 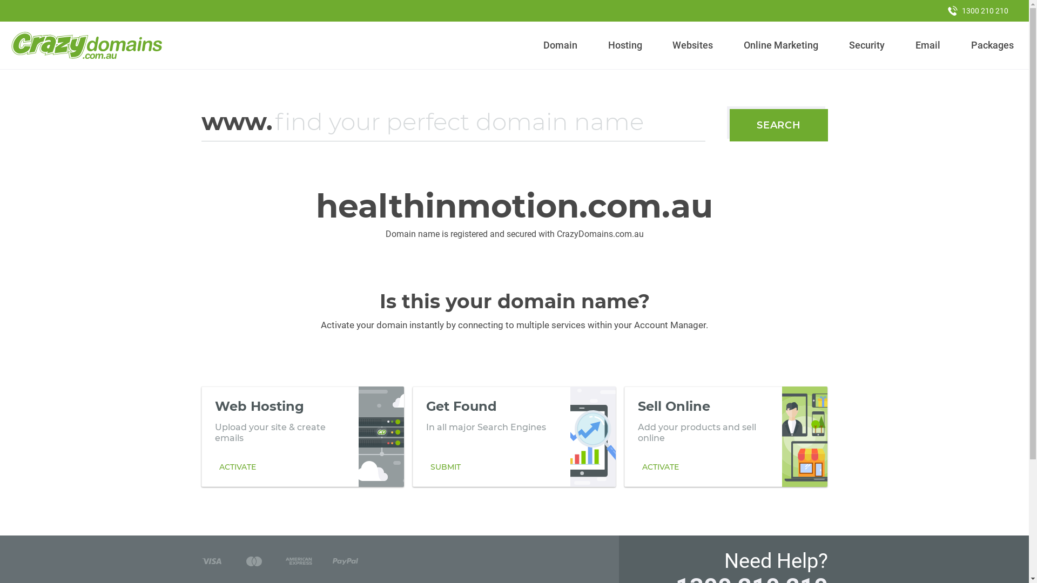 What do you see at coordinates (778, 124) in the screenshot?
I see `'SEARCH'` at bounding box center [778, 124].